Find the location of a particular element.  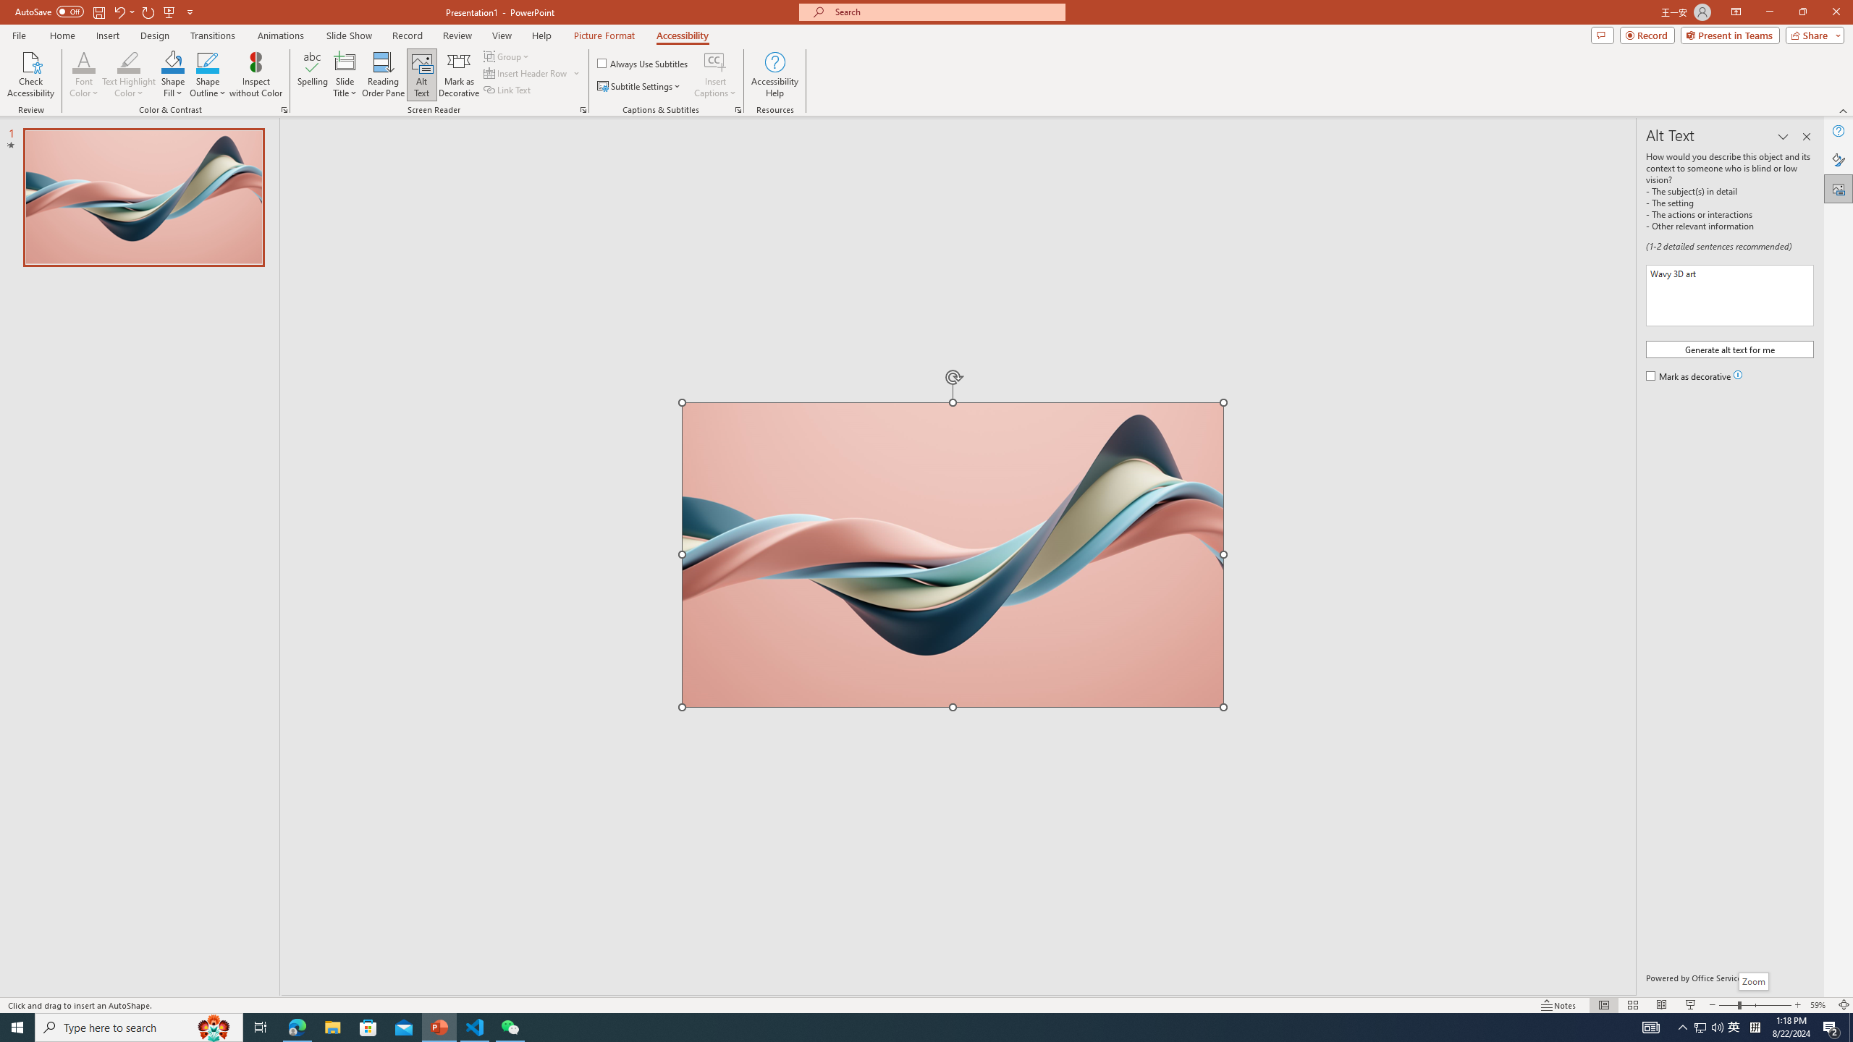

'Reading Order Pane' is located at coordinates (384, 75).